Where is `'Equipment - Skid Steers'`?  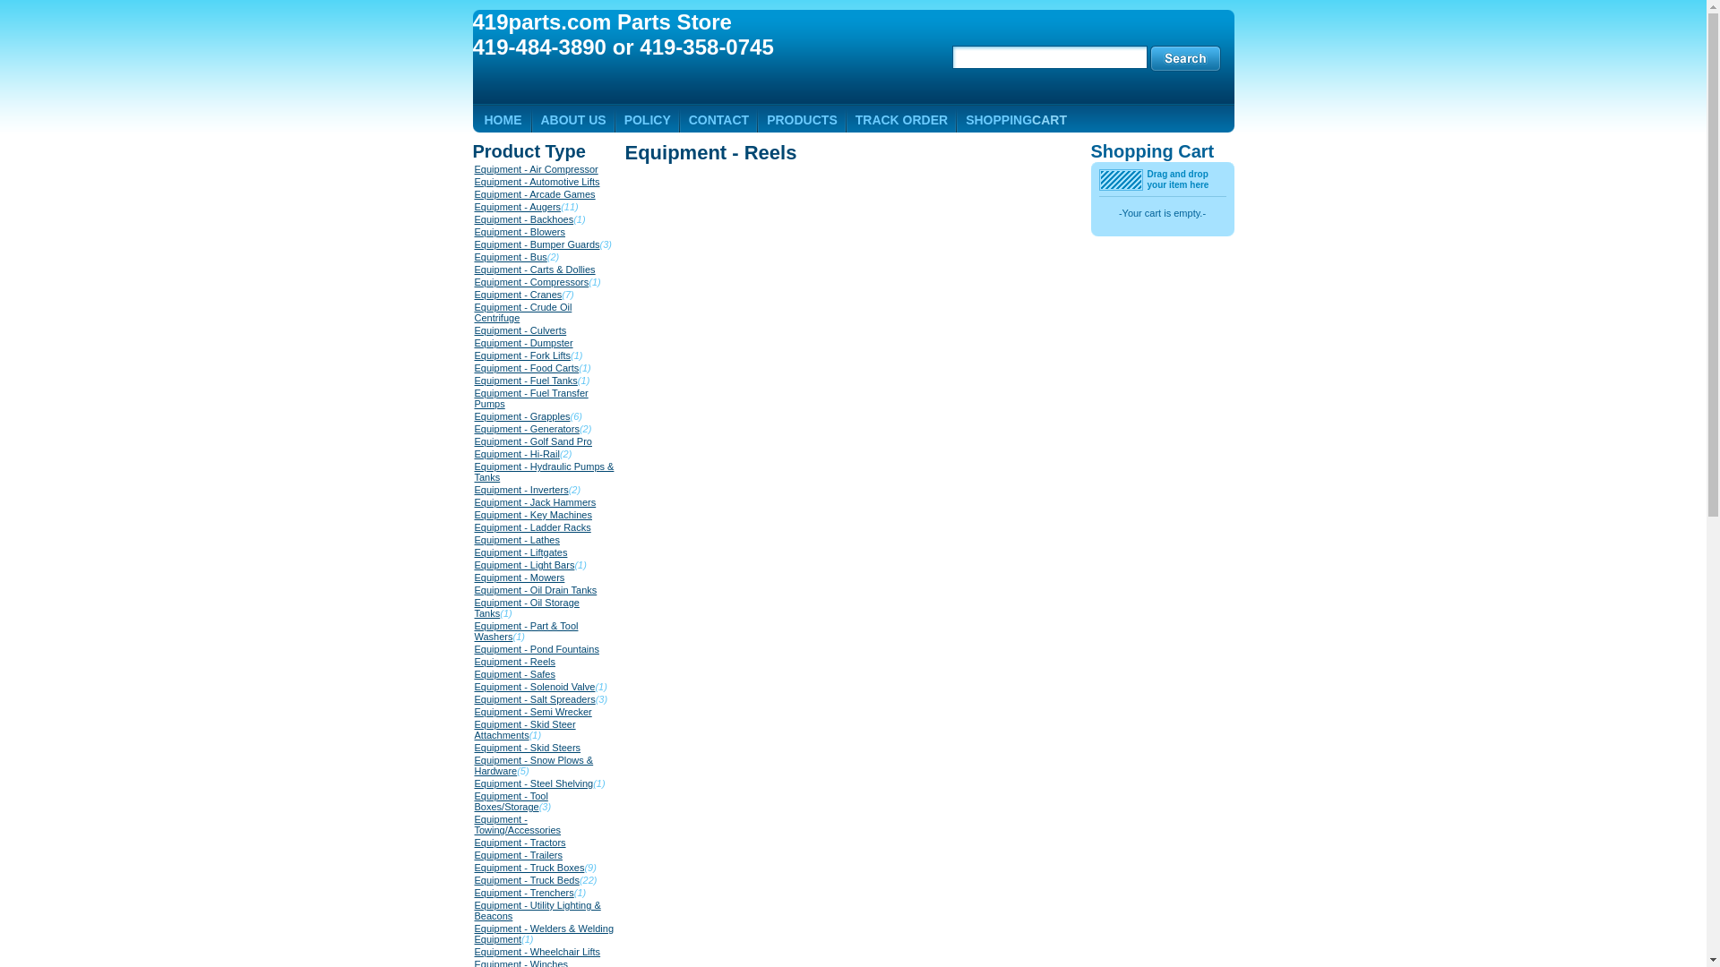 'Equipment - Skid Steers' is located at coordinates (474, 747).